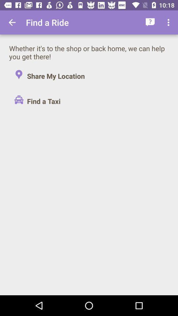 This screenshot has width=178, height=316. What do you see at coordinates (169, 22) in the screenshot?
I see `icon above whether it s item` at bounding box center [169, 22].